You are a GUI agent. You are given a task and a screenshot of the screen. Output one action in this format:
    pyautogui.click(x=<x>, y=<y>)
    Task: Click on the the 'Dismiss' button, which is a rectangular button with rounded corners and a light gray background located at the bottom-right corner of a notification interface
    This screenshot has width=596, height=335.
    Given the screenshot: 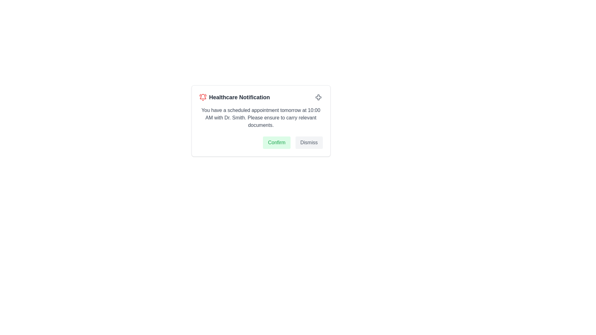 What is the action you would take?
    pyautogui.click(x=309, y=142)
    